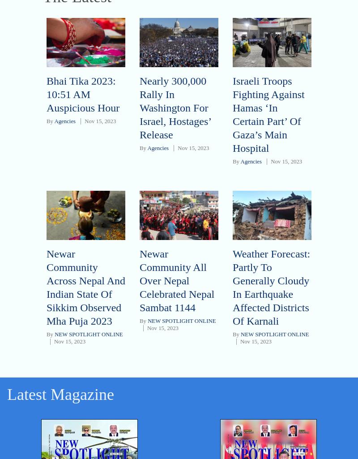 Image resolution: width=358 pixels, height=459 pixels. Describe the element at coordinates (268, 114) in the screenshot. I see `'Israeli Troops Fighting Against Hamas ‘In Certain Part’ Of Gaza’s Main Hospital'` at that location.